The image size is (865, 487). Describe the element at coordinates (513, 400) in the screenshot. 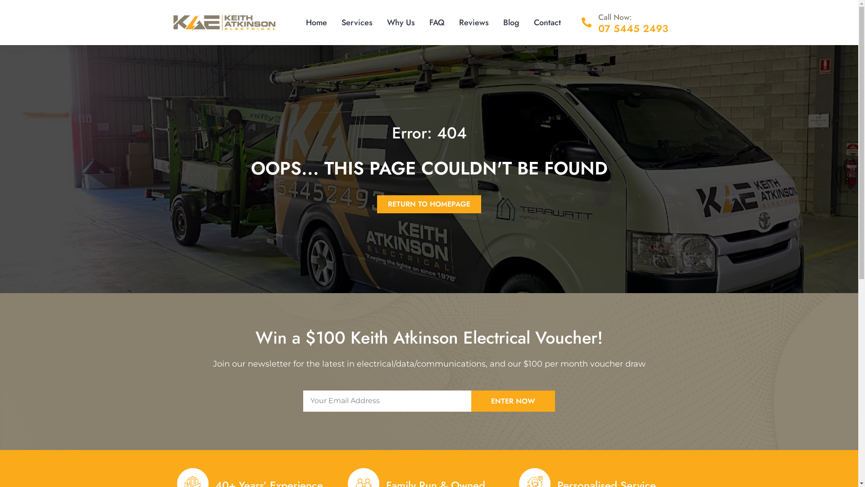

I see `'ENTER NOW'` at that location.